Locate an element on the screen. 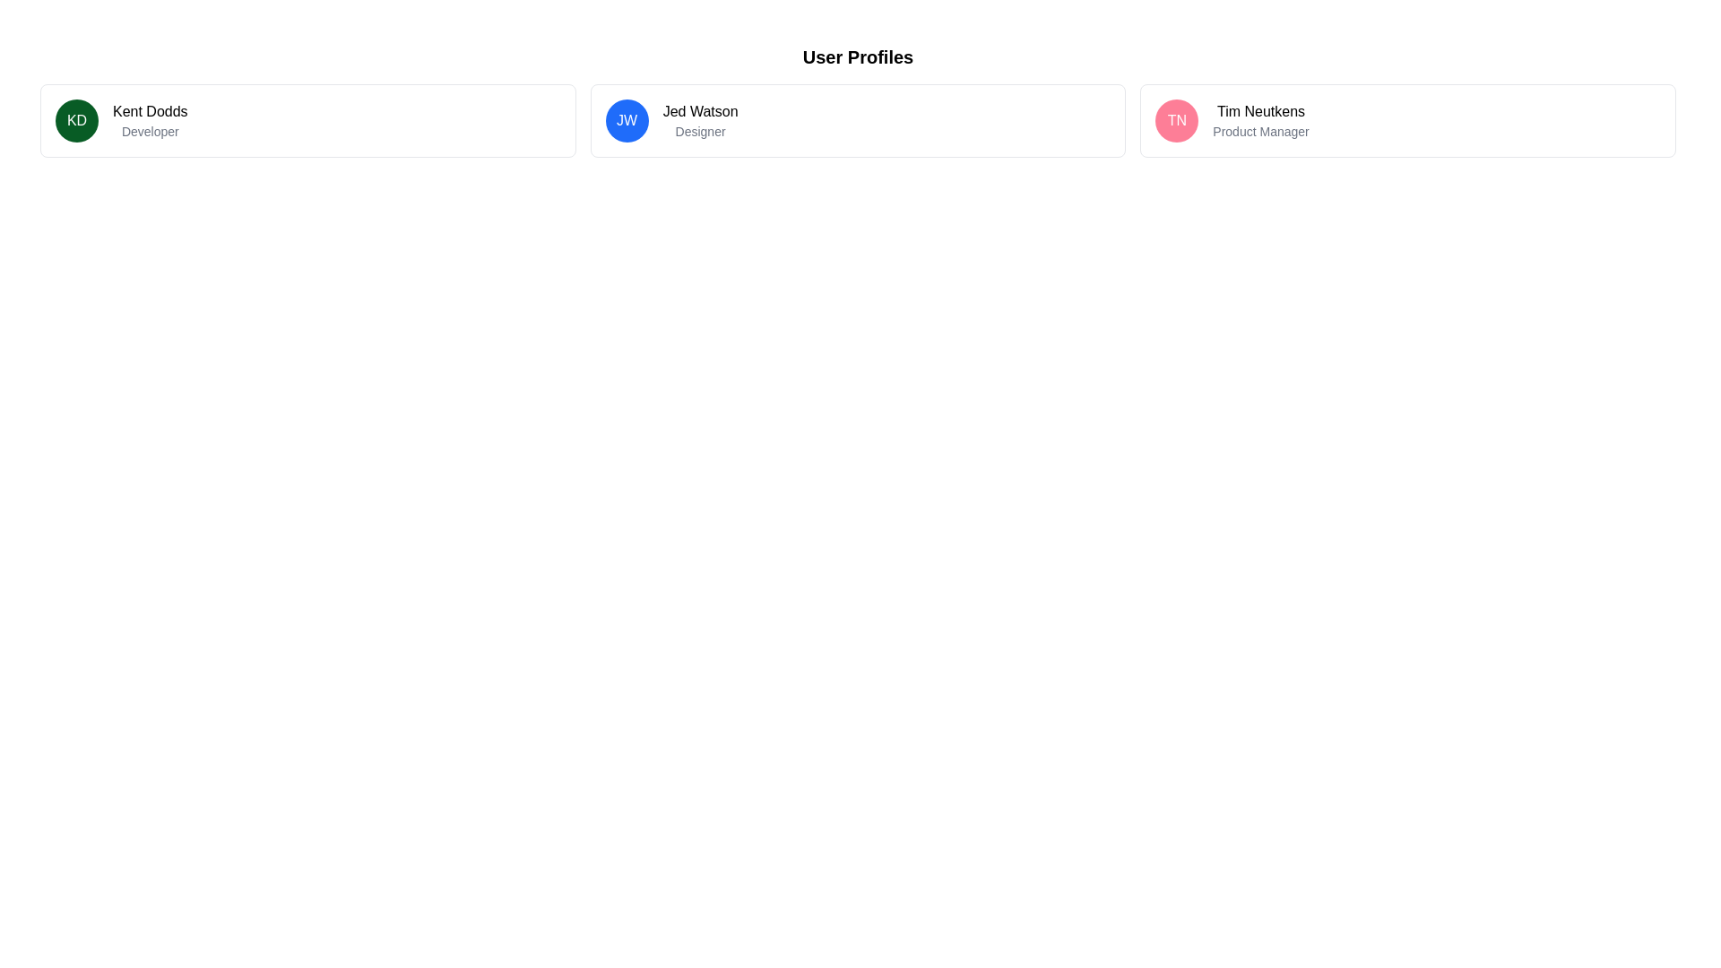 Image resolution: width=1721 pixels, height=968 pixels. the text label displaying the name of the individual in the rightmost profile card, positioned above the 'Product Manager' text is located at coordinates (1259, 111).